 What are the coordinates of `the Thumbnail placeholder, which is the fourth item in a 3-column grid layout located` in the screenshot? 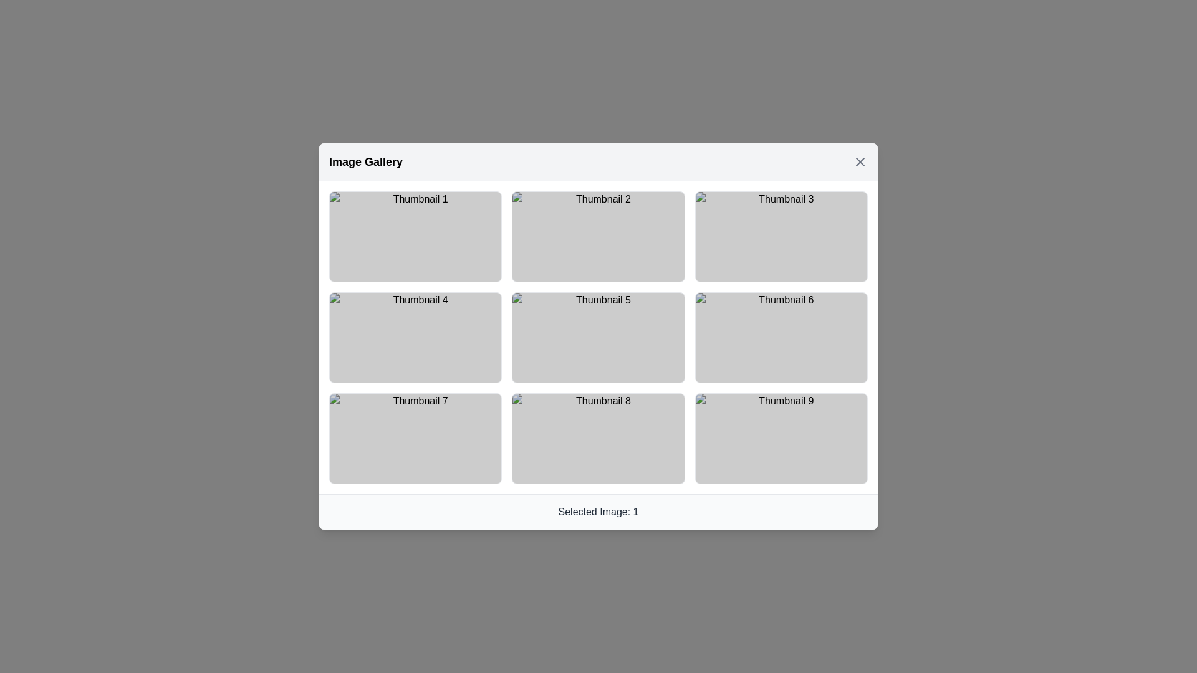 It's located at (415, 338).